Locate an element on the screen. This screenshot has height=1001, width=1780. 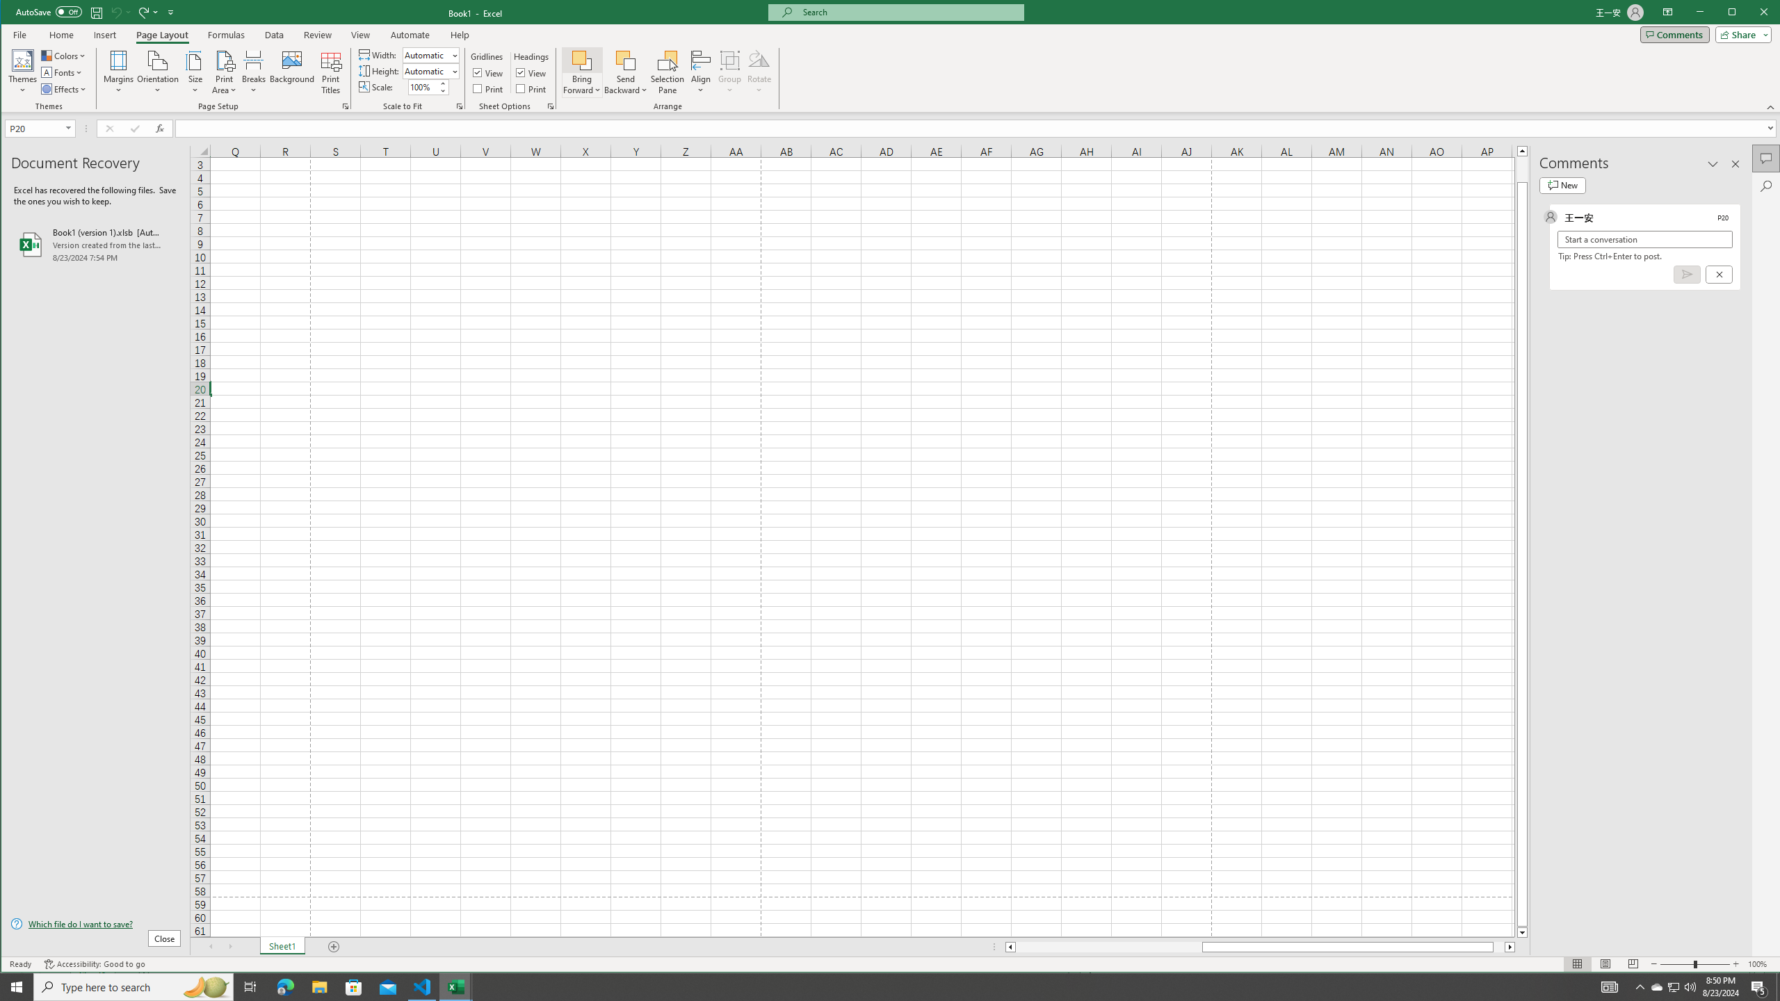
'Action Center, 5 new notifications' is located at coordinates (1759, 986).